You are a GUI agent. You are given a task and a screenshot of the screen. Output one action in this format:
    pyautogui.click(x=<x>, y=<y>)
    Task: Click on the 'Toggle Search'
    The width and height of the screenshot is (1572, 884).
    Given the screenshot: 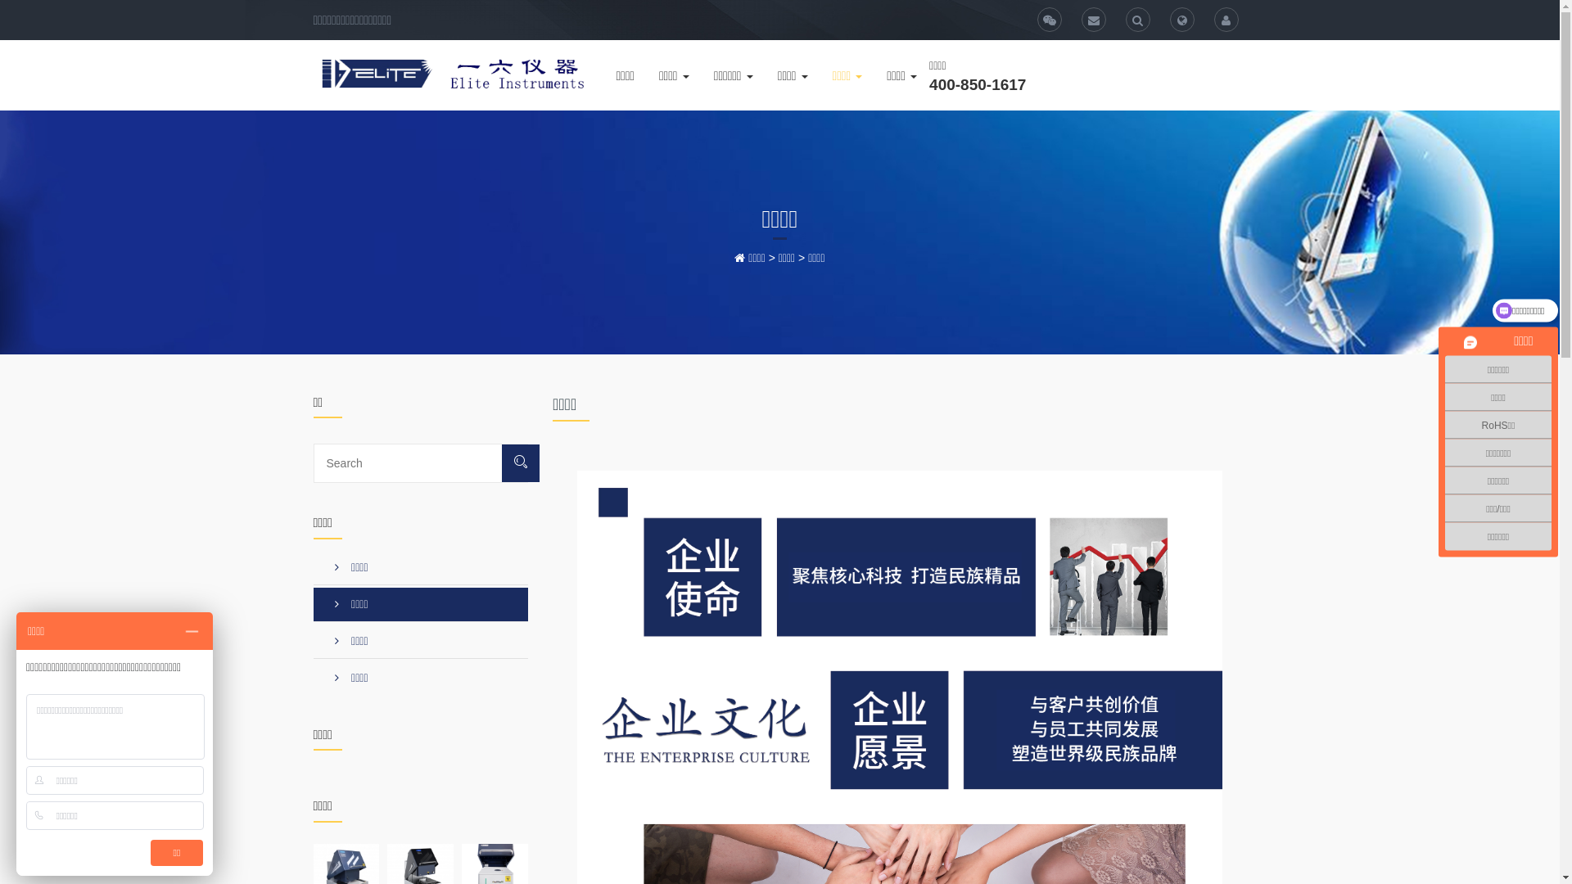 What is the action you would take?
    pyautogui.click(x=1137, y=19)
    